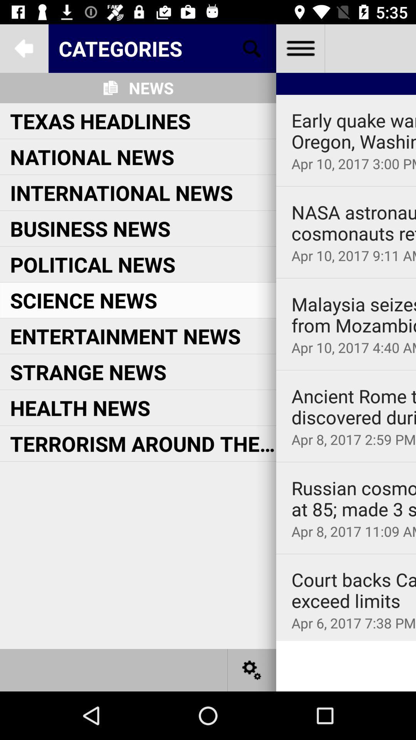  What do you see at coordinates (346, 277) in the screenshot?
I see `app above the malaysia seizes 18 app` at bounding box center [346, 277].